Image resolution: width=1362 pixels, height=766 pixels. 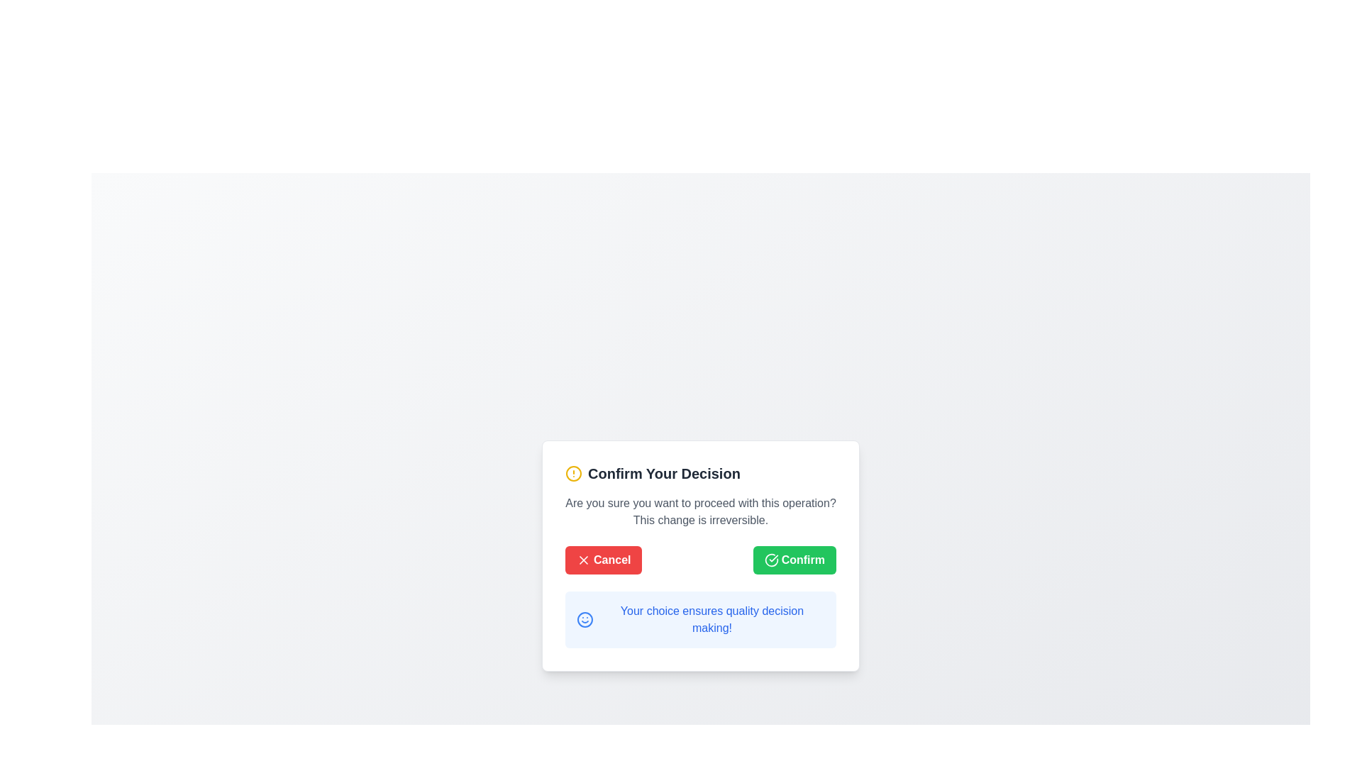 I want to click on the 'Cancel' button on the confirmation modal dialog to abort the operation, so click(x=701, y=555).